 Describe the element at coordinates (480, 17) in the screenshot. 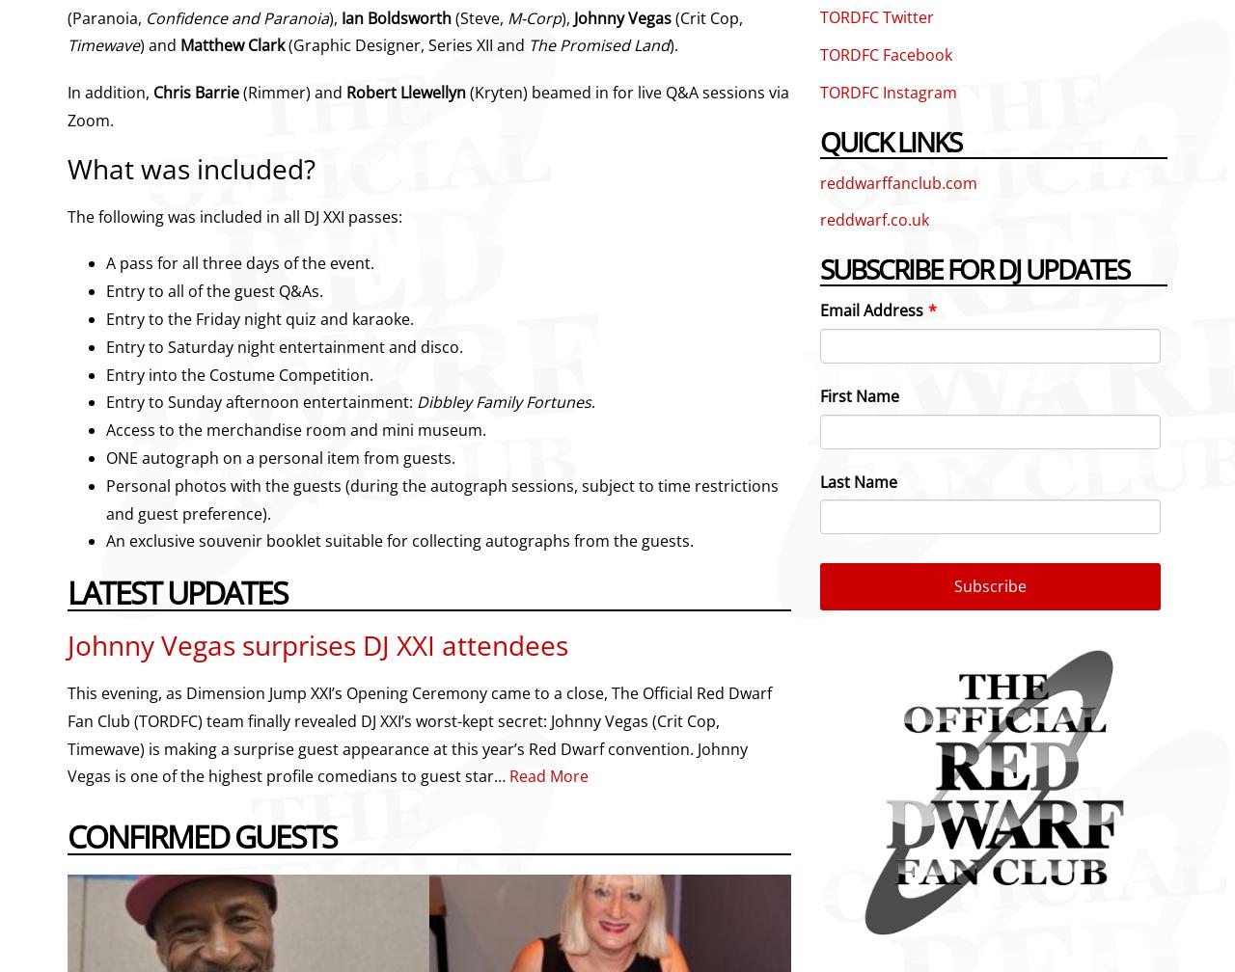

I see `'(Steve,'` at that location.